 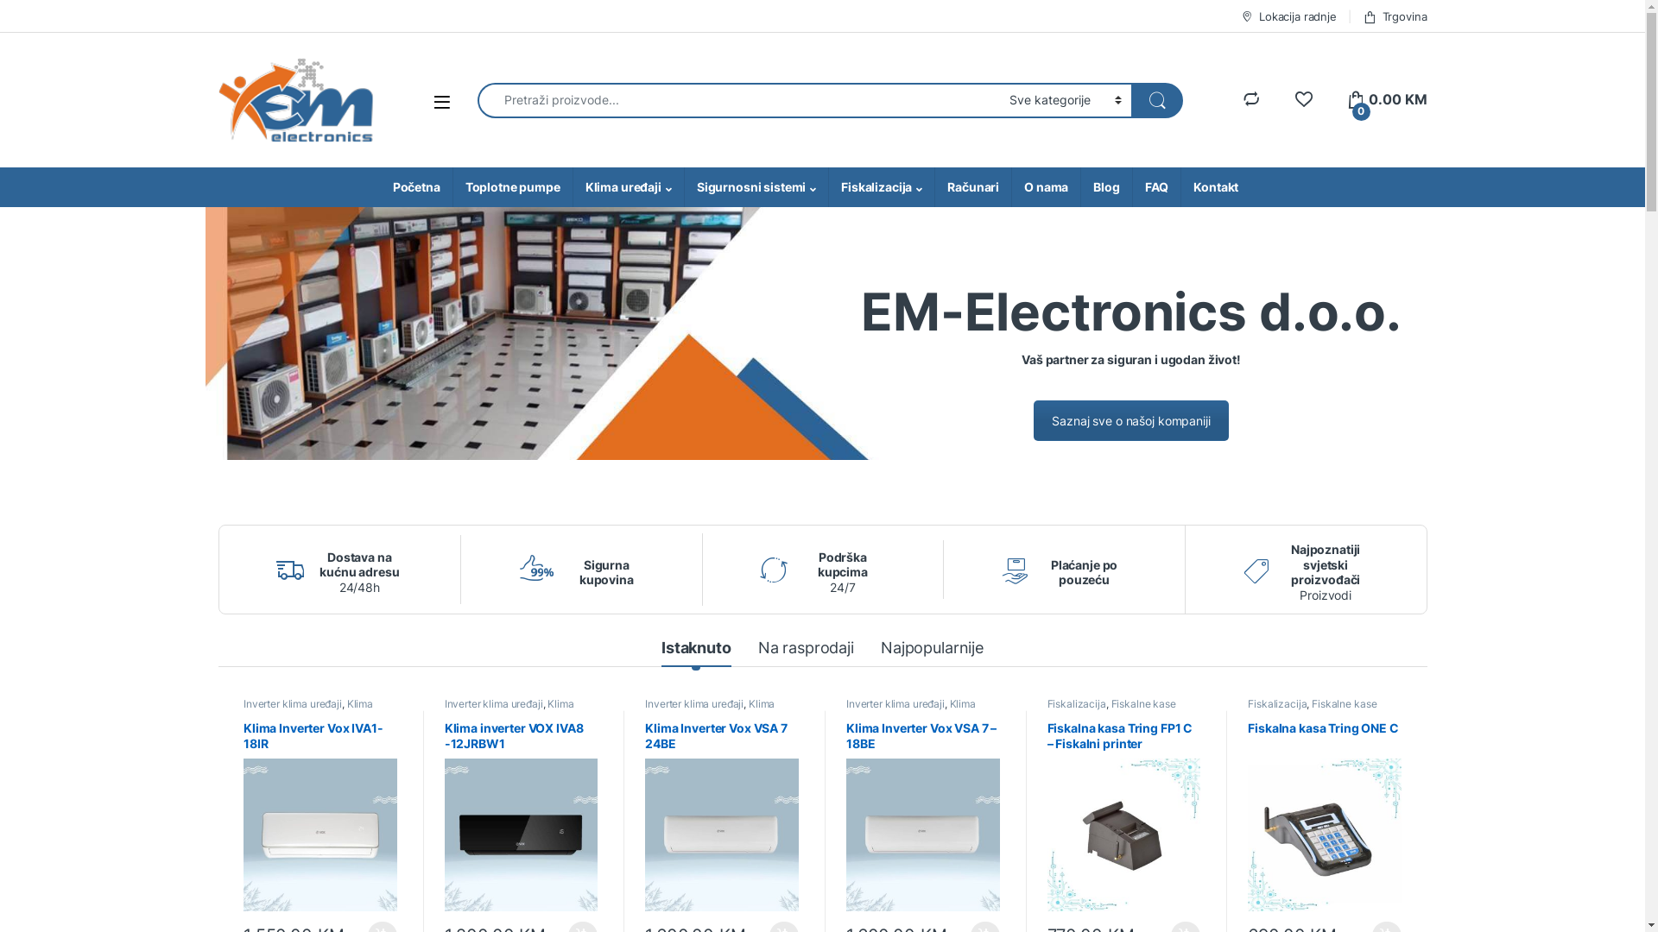 What do you see at coordinates (1395, 16) in the screenshot?
I see `'Trgovina'` at bounding box center [1395, 16].